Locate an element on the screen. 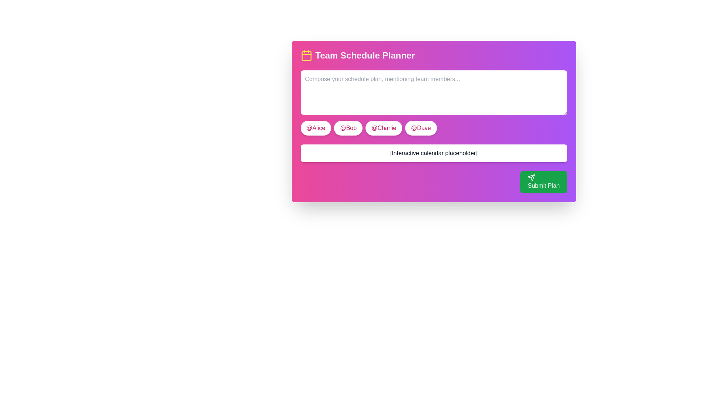 The image size is (711, 400). the 'Submit Plan' button which houses the graphical arrowhead icon component located in the lower-right corner of the interface is located at coordinates (531, 177).